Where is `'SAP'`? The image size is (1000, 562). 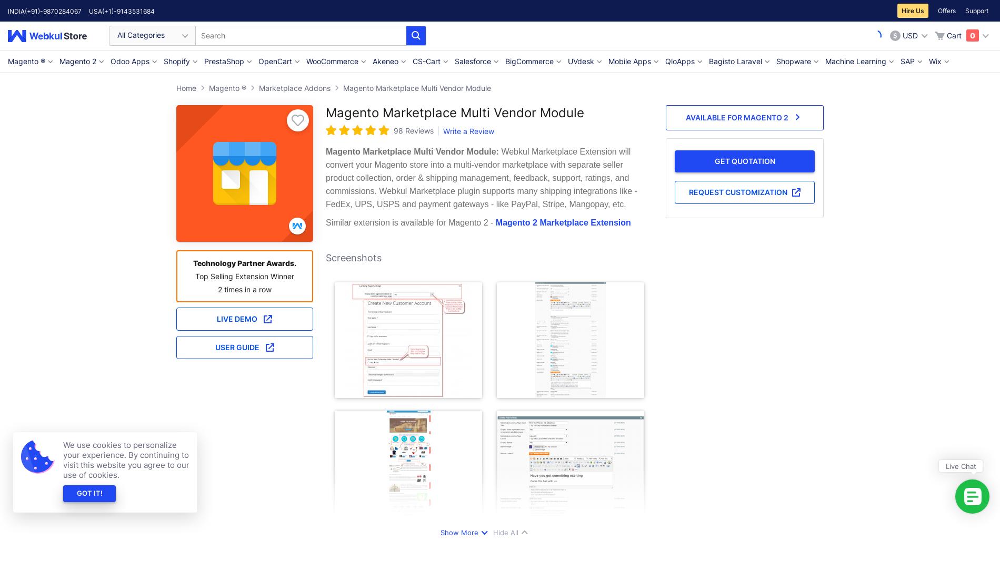
'SAP' is located at coordinates (899, 61).